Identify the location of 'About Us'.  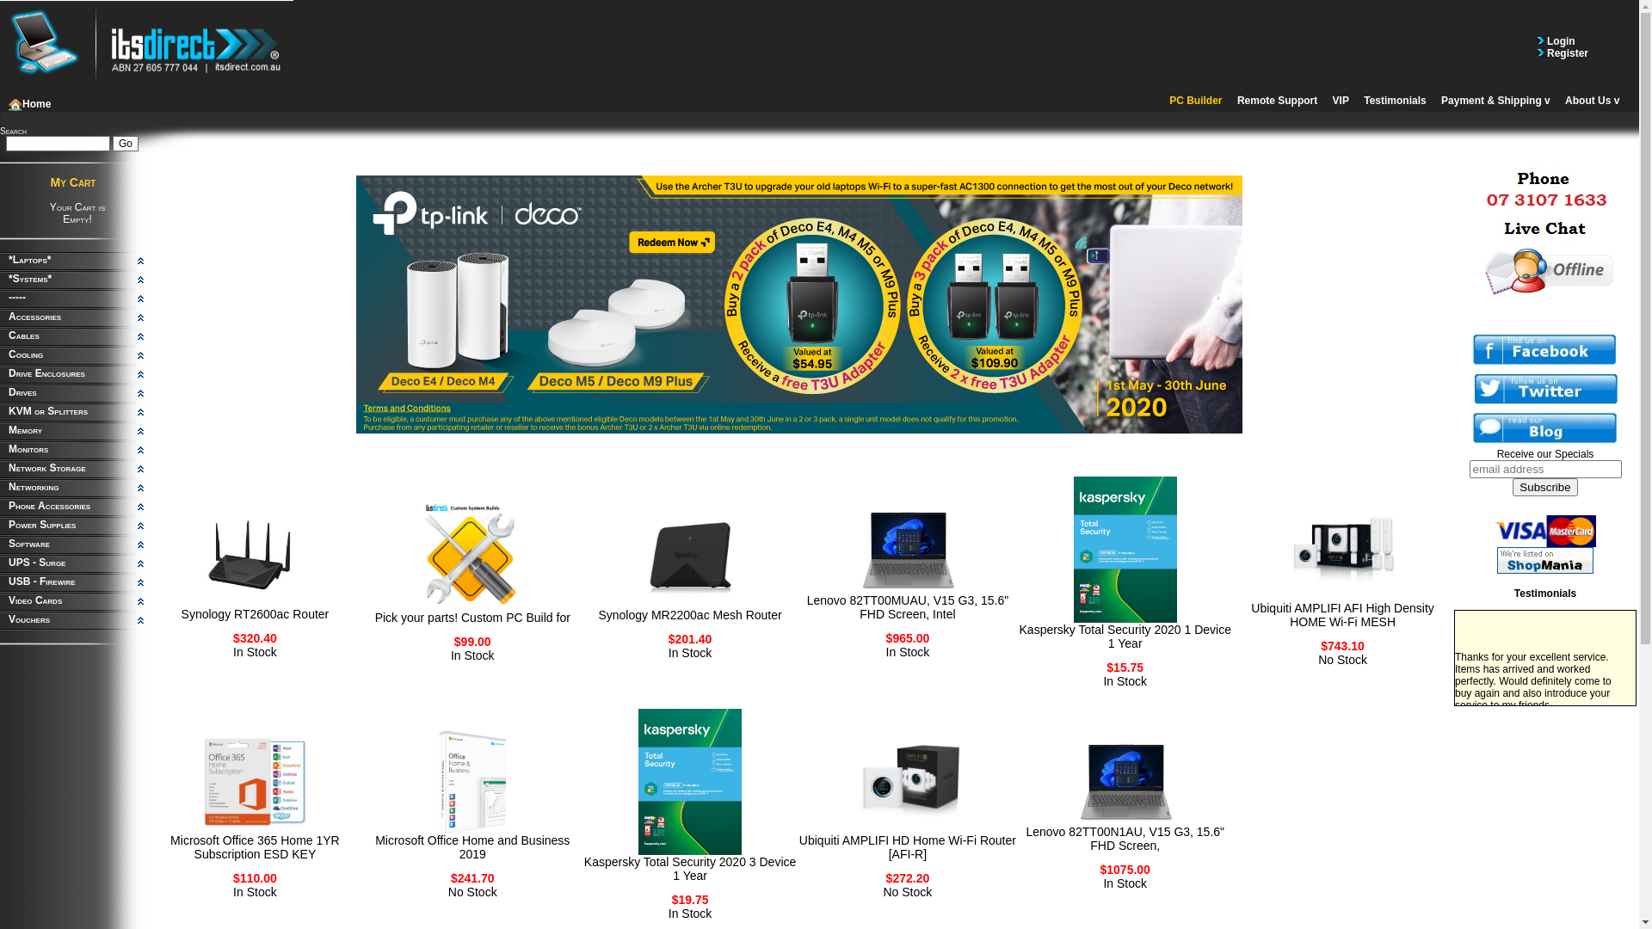
(1558, 100).